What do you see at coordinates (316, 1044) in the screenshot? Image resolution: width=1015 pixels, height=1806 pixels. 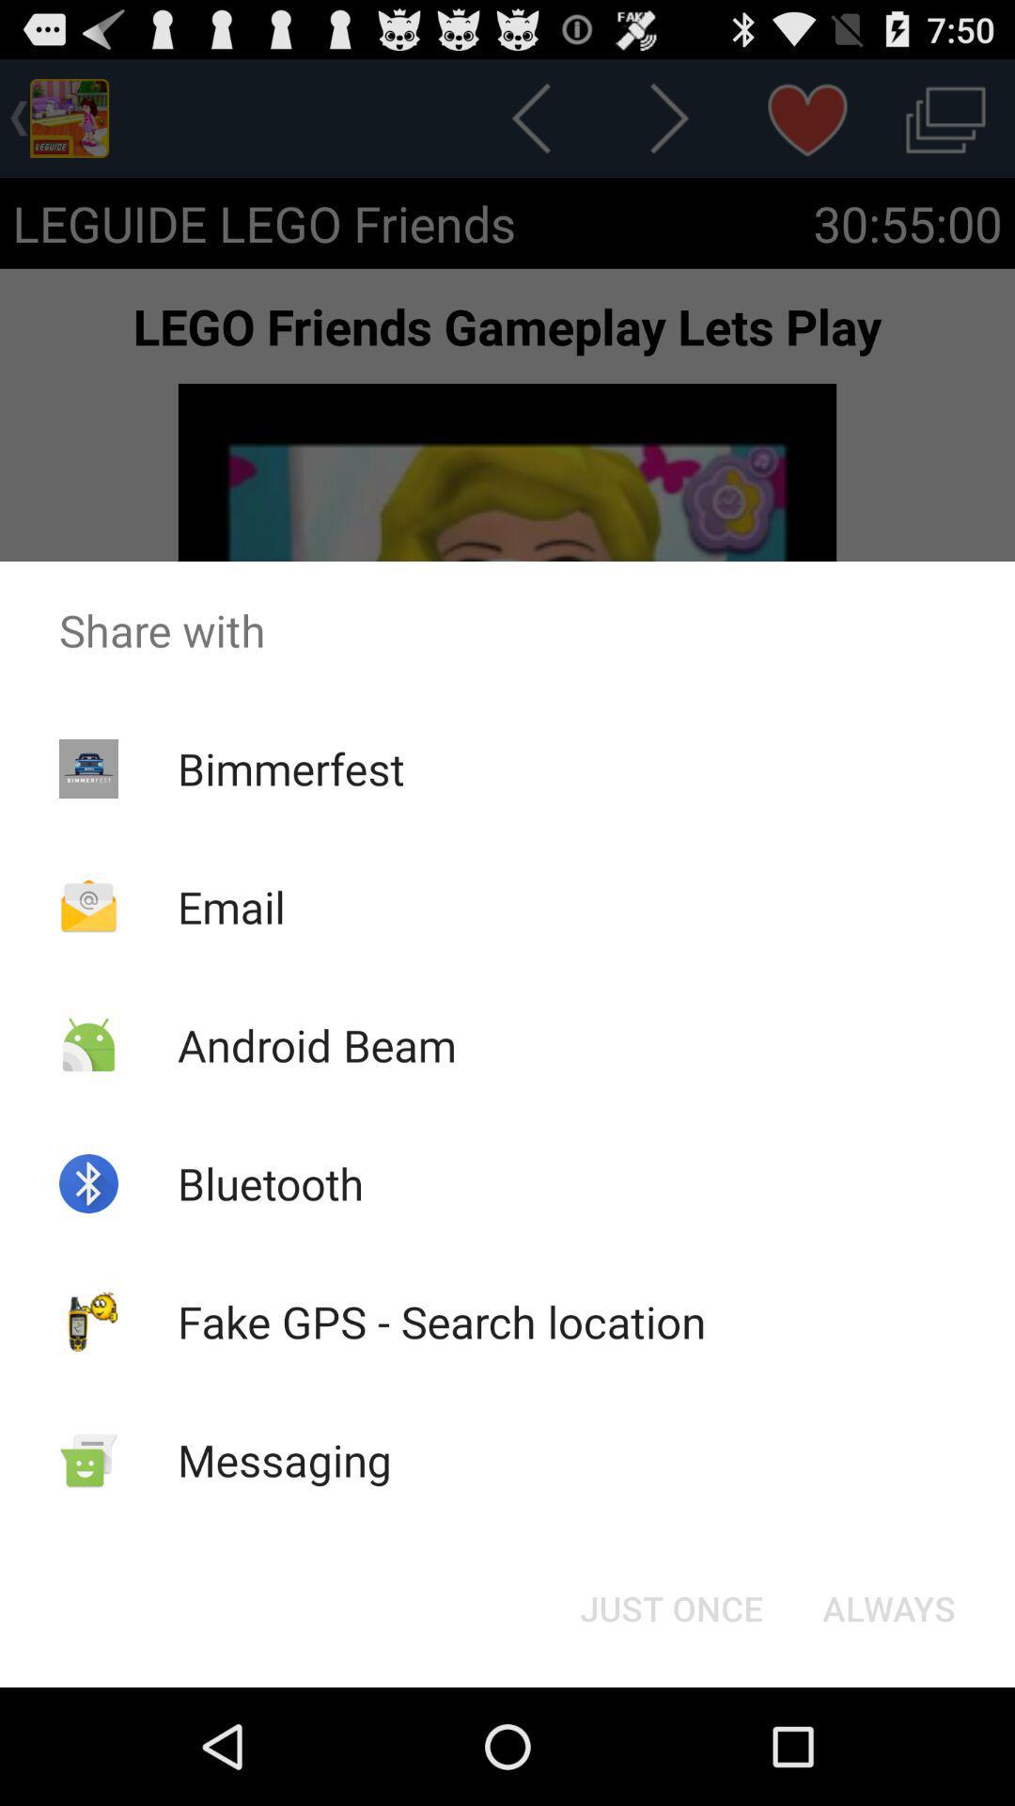 I see `the app below the email` at bounding box center [316, 1044].